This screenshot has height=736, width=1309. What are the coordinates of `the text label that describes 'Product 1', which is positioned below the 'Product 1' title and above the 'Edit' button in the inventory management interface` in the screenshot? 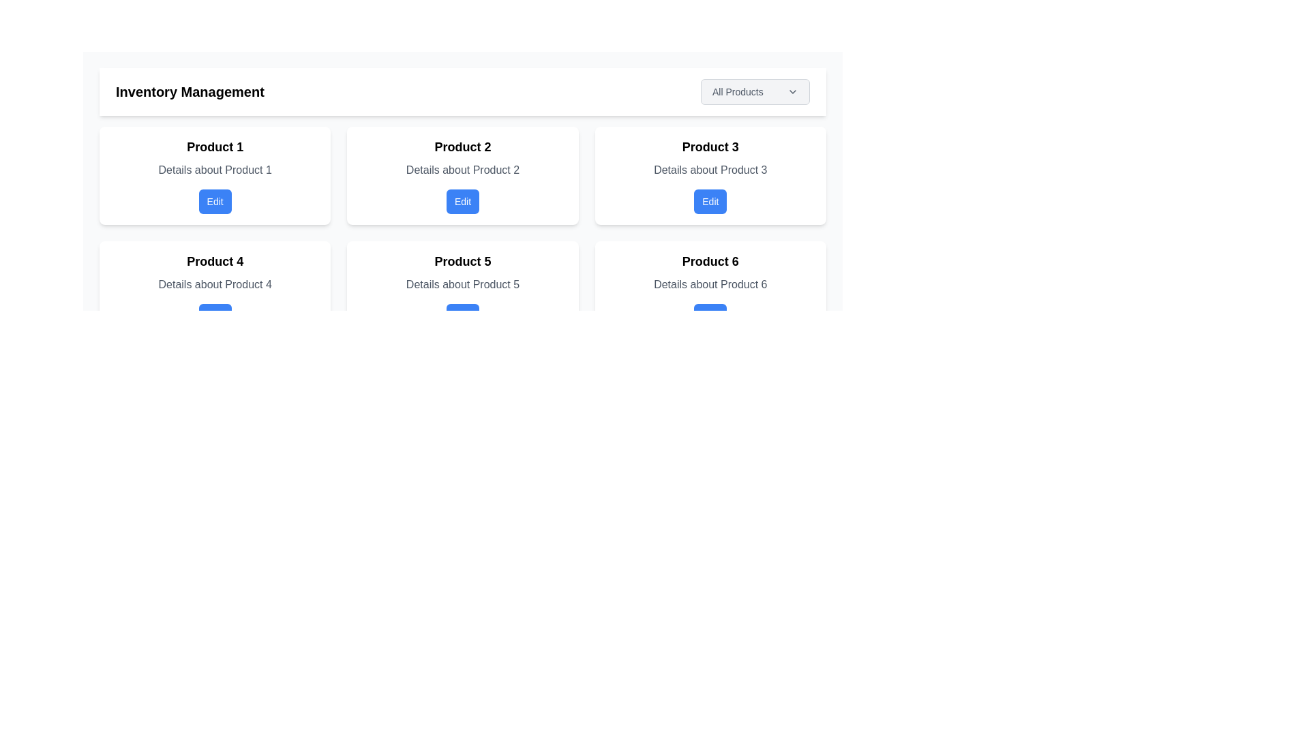 It's located at (214, 170).